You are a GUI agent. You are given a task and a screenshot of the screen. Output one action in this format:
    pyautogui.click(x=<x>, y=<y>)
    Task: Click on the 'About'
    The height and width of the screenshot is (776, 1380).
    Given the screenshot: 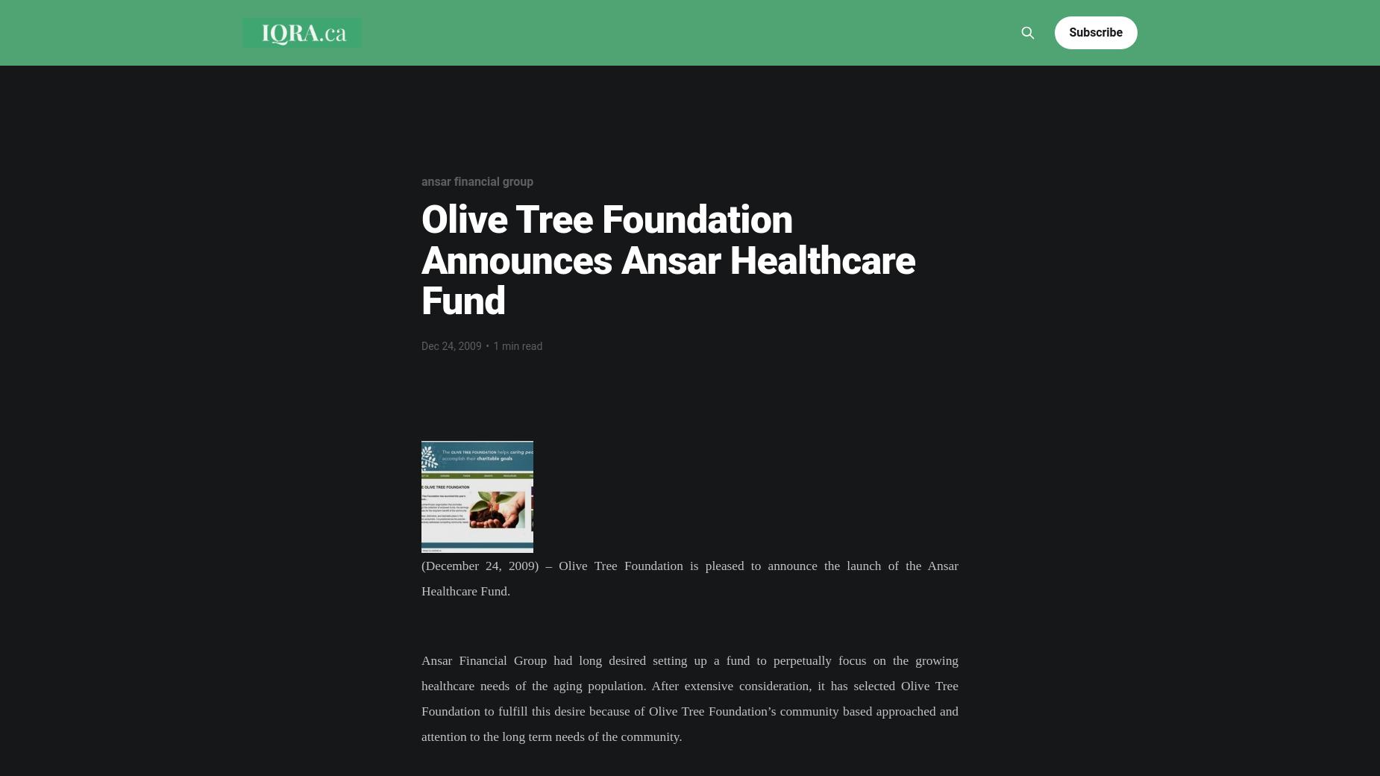 What is the action you would take?
    pyautogui.click(x=460, y=10)
    